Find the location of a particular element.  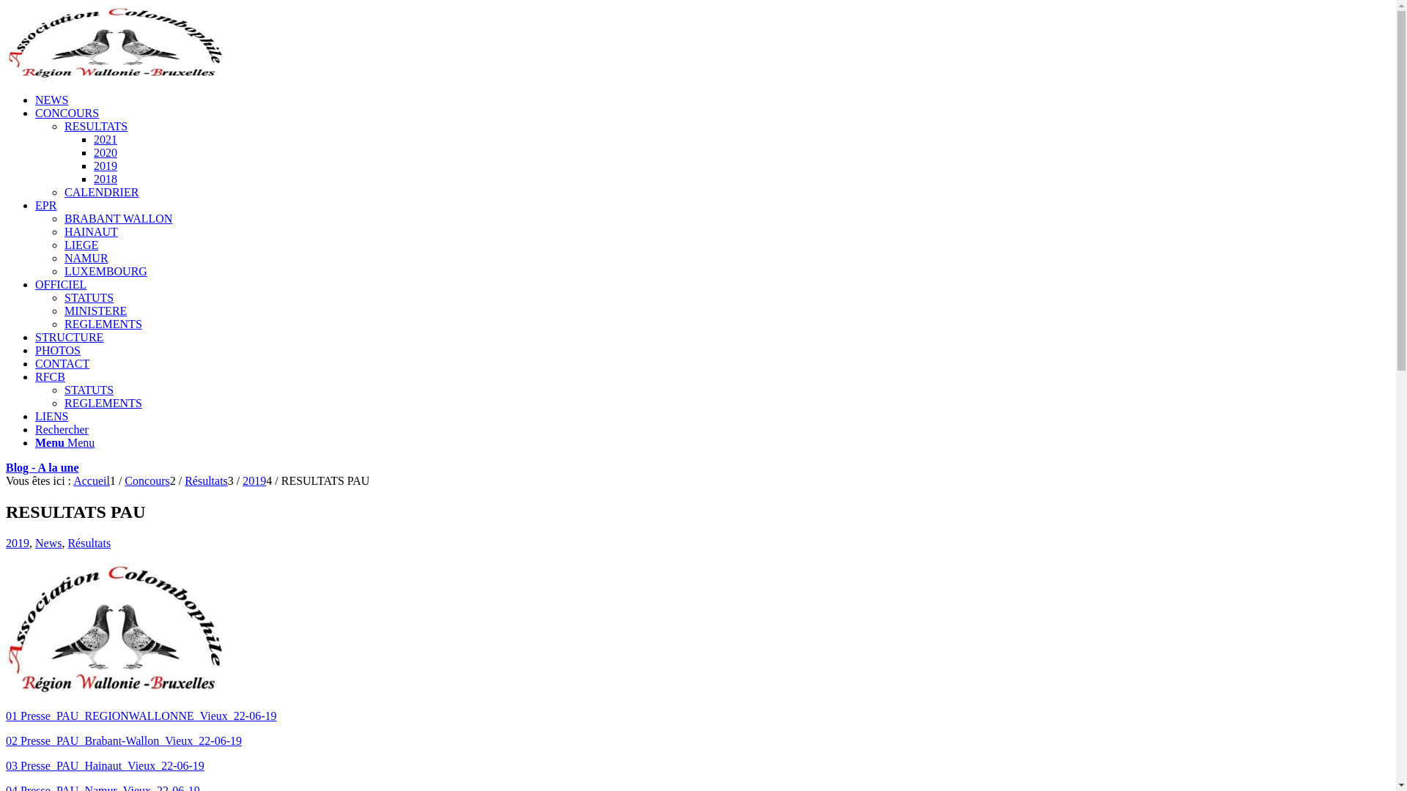

'2021' is located at coordinates (105, 139).